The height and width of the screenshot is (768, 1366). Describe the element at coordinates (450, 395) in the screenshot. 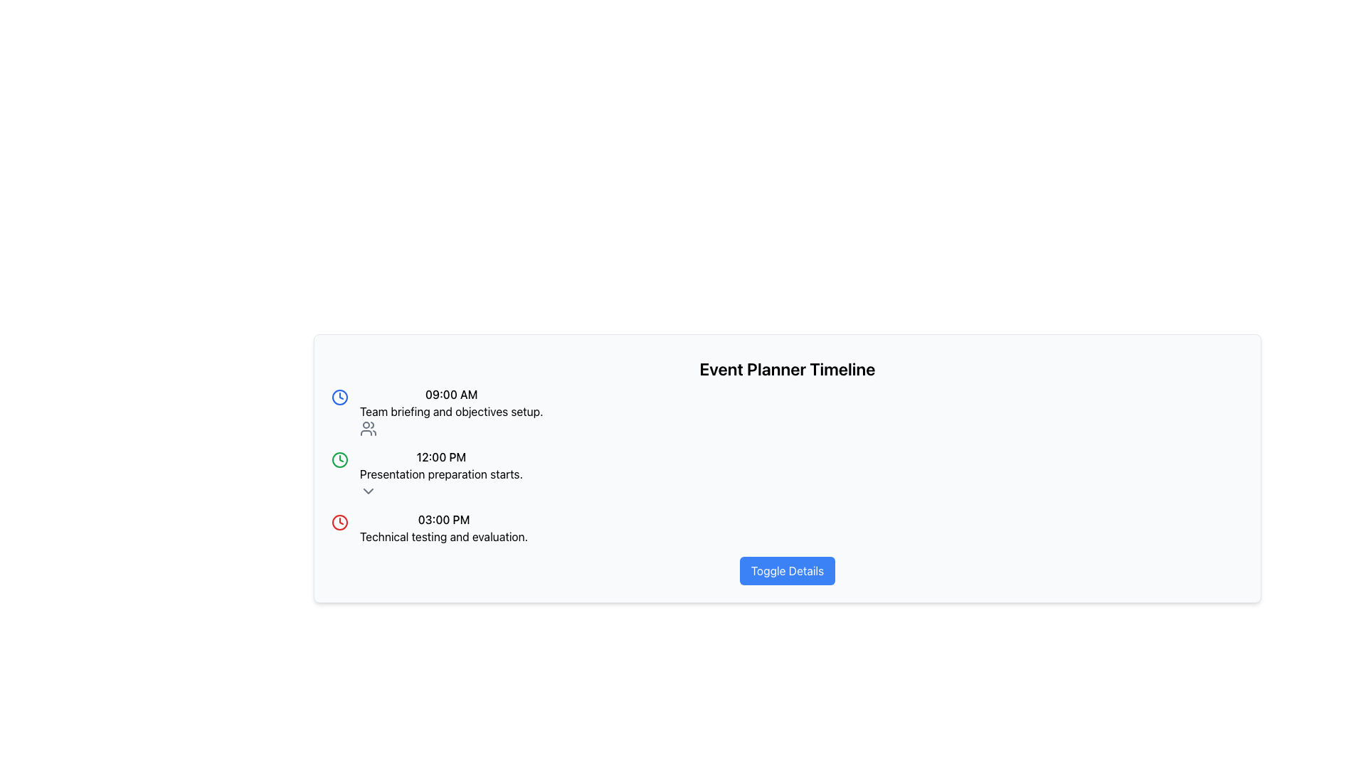

I see `time value '09:00 AM' from the first time label in the schedule display, which is located in the top-left corner of the timeline block` at that location.